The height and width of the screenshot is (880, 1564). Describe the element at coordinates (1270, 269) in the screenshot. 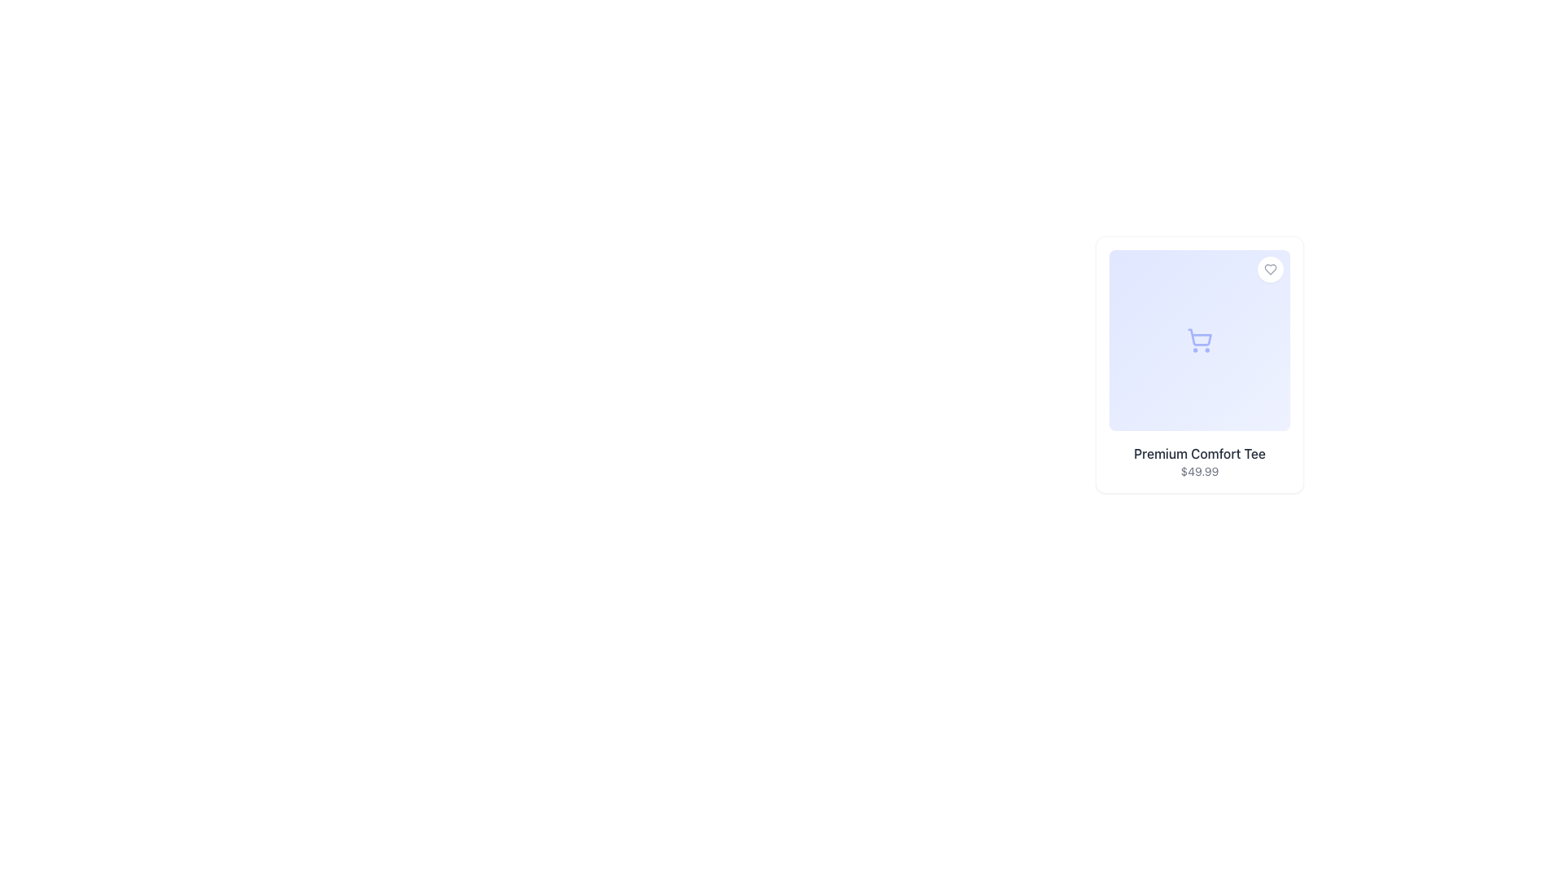

I see `the heart icon in the top-right corner of the product card` at that location.